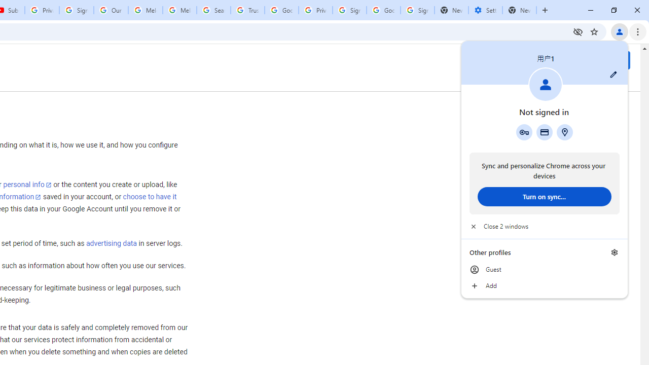  I want to click on 'Addresses and more', so click(564, 132).